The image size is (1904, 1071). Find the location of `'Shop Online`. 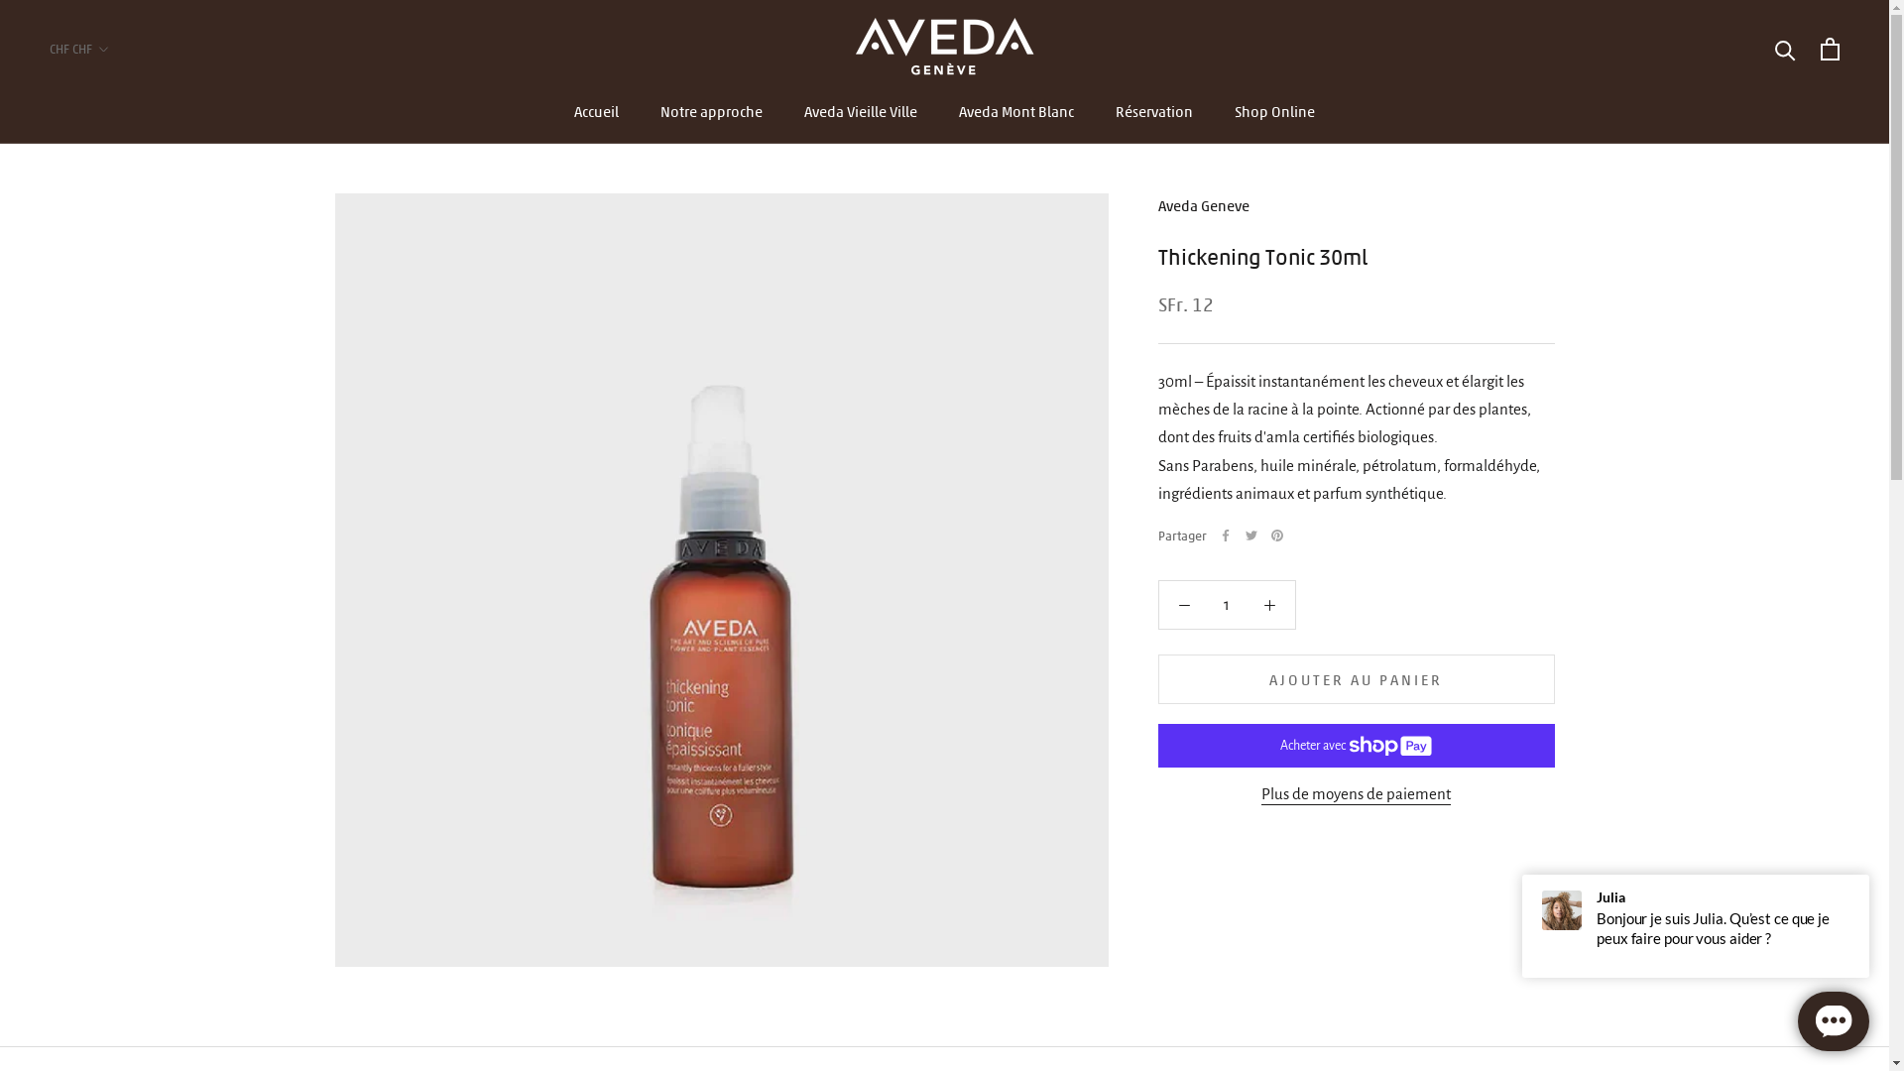

'Shop Online is located at coordinates (1274, 110).